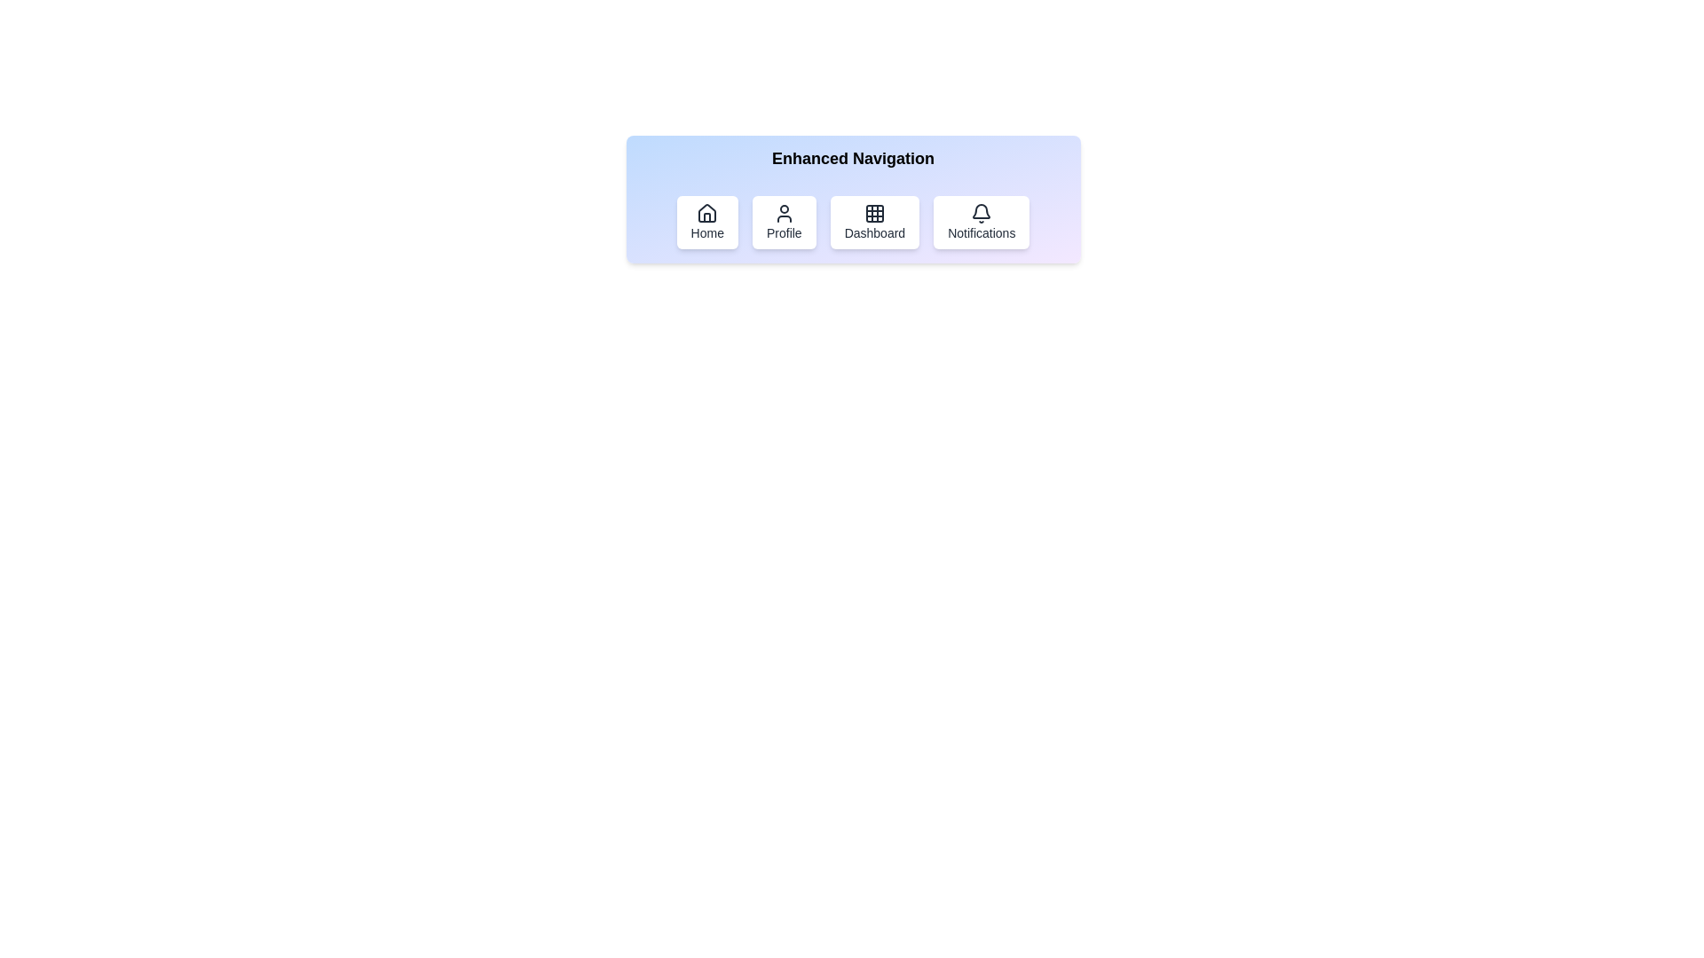 Image resolution: width=1704 pixels, height=958 pixels. Describe the element at coordinates (874, 221) in the screenshot. I see `the 'Dashboard' button, which is the third button in the 'Enhanced Navigation' section` at that location.